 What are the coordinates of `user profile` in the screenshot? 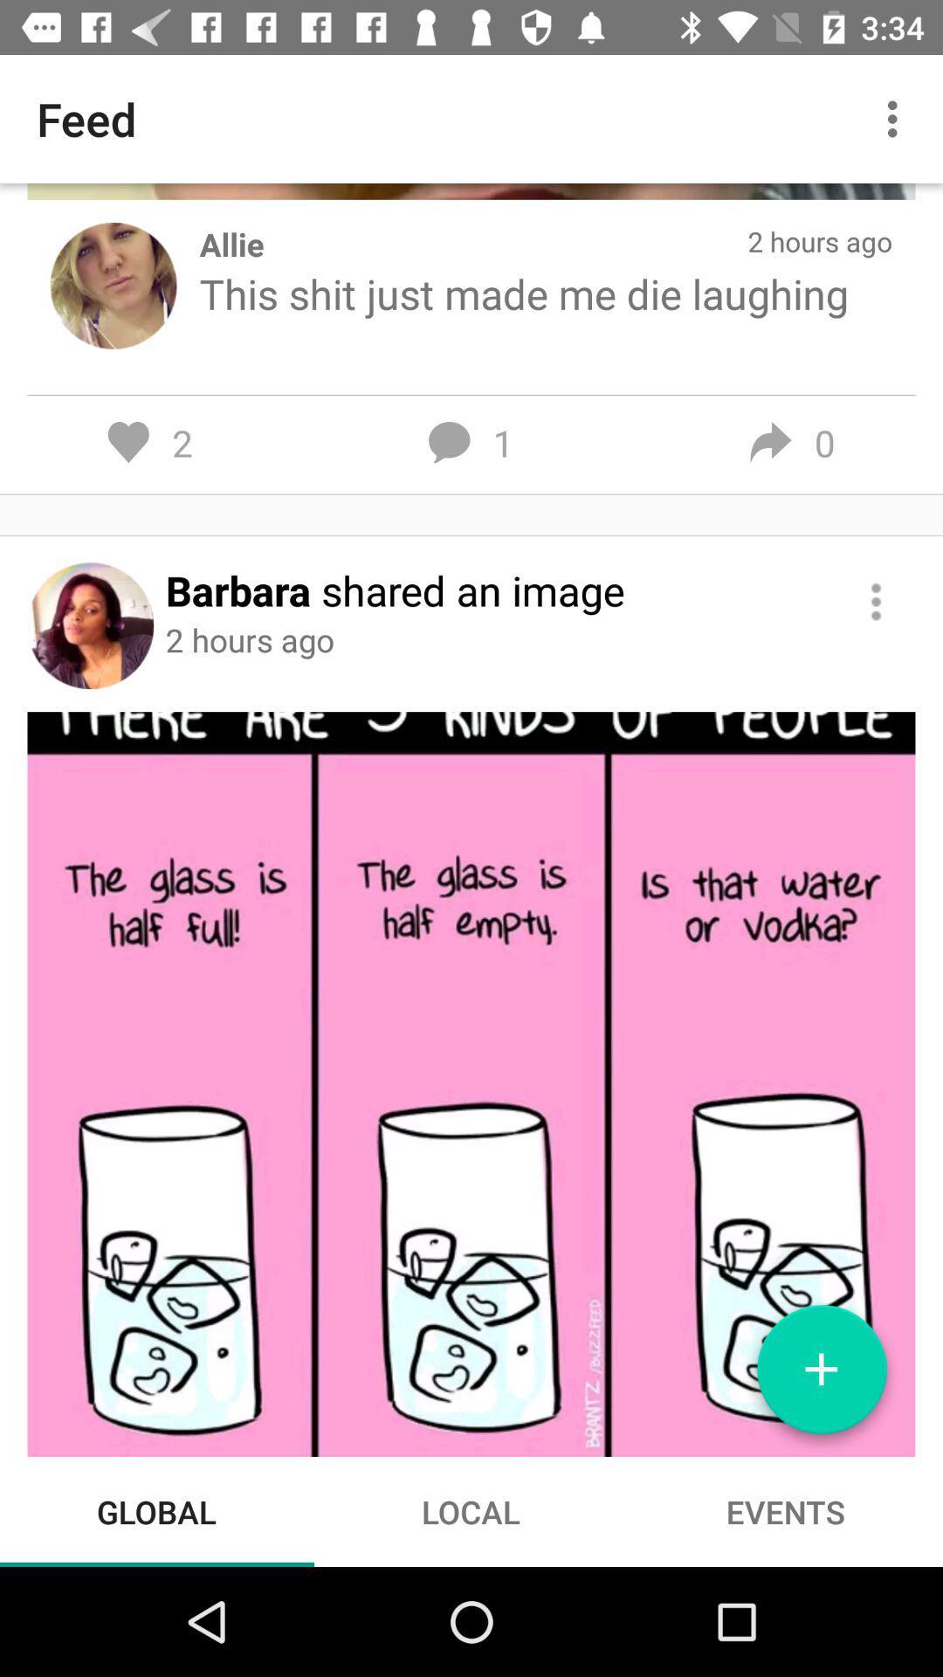 It's located at (90, 625).